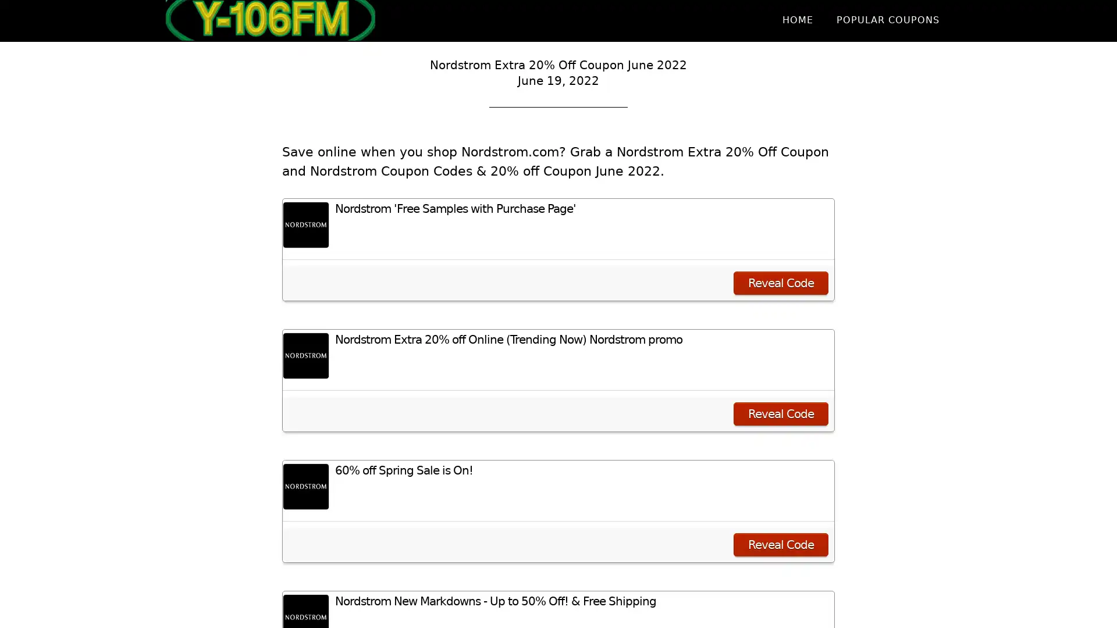  I want to click on Reveal Code, so click(781, 413).